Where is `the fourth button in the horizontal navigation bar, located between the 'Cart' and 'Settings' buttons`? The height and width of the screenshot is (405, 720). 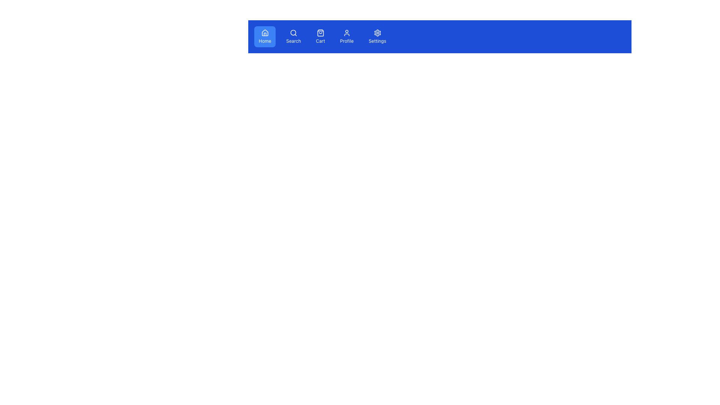 the fourth button in the horizontal navigation bar, located between the 'Cart' and 'Settings' buttons is located at coordinates (346, 36).